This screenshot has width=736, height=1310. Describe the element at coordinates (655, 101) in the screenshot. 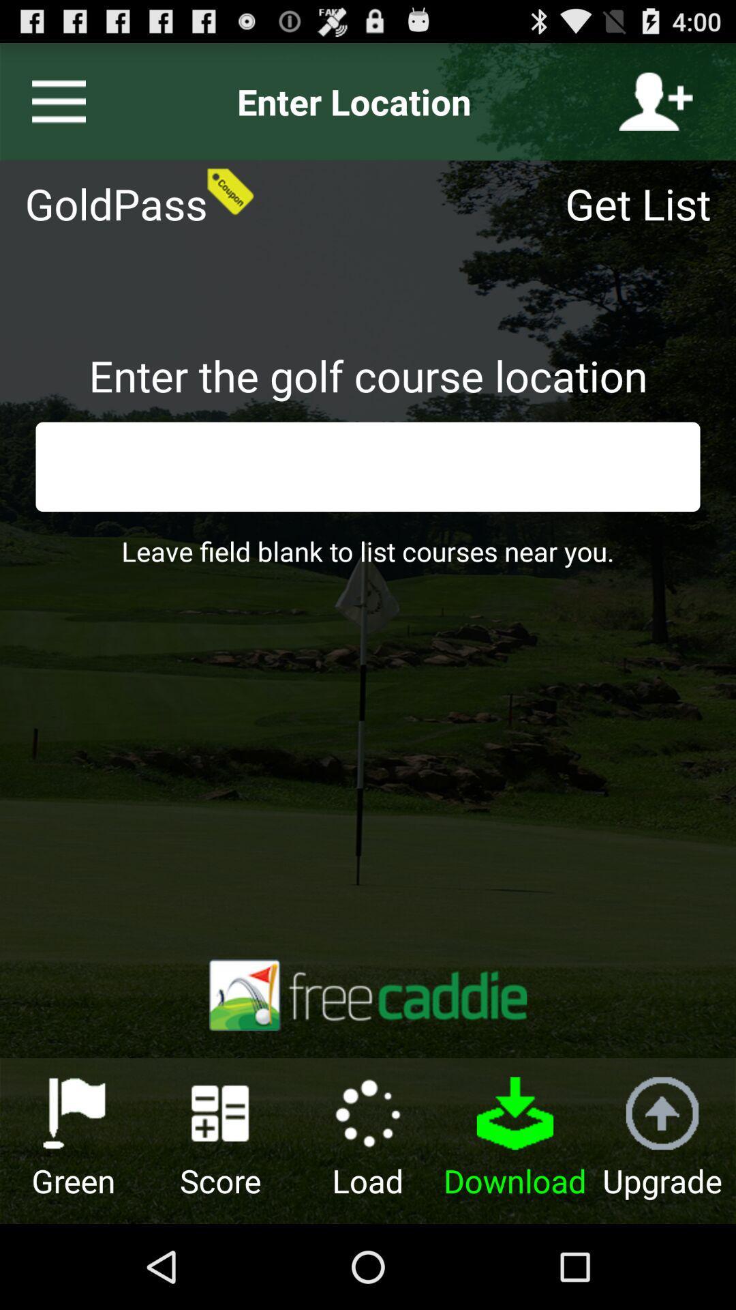

I see `your location` at that location.